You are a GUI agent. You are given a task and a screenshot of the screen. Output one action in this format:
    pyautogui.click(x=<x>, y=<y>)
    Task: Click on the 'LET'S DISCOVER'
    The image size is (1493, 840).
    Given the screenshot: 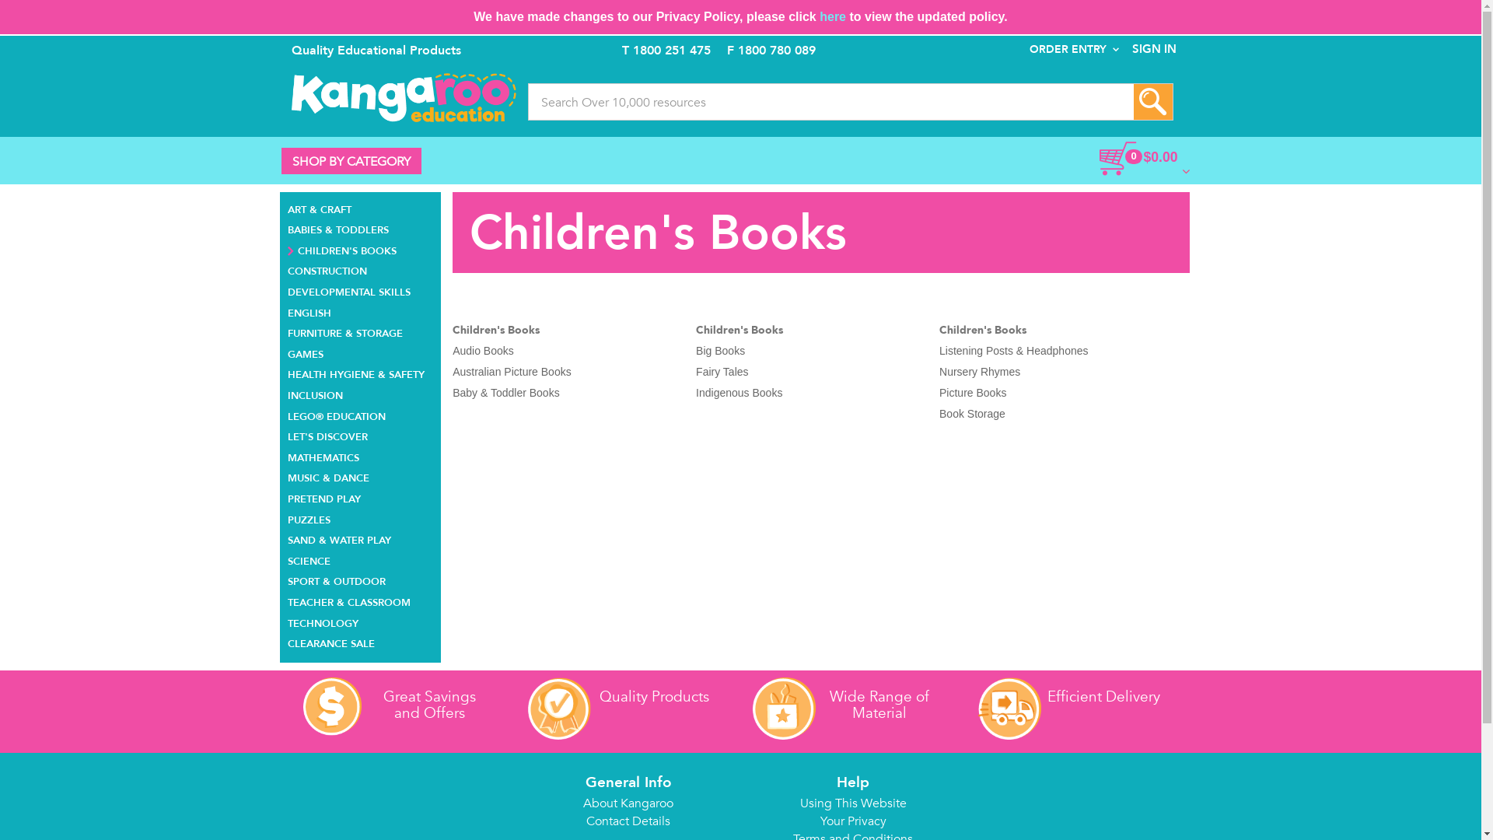 What is the action you would take?
    pyautogui.click(x=327, y=435)
    